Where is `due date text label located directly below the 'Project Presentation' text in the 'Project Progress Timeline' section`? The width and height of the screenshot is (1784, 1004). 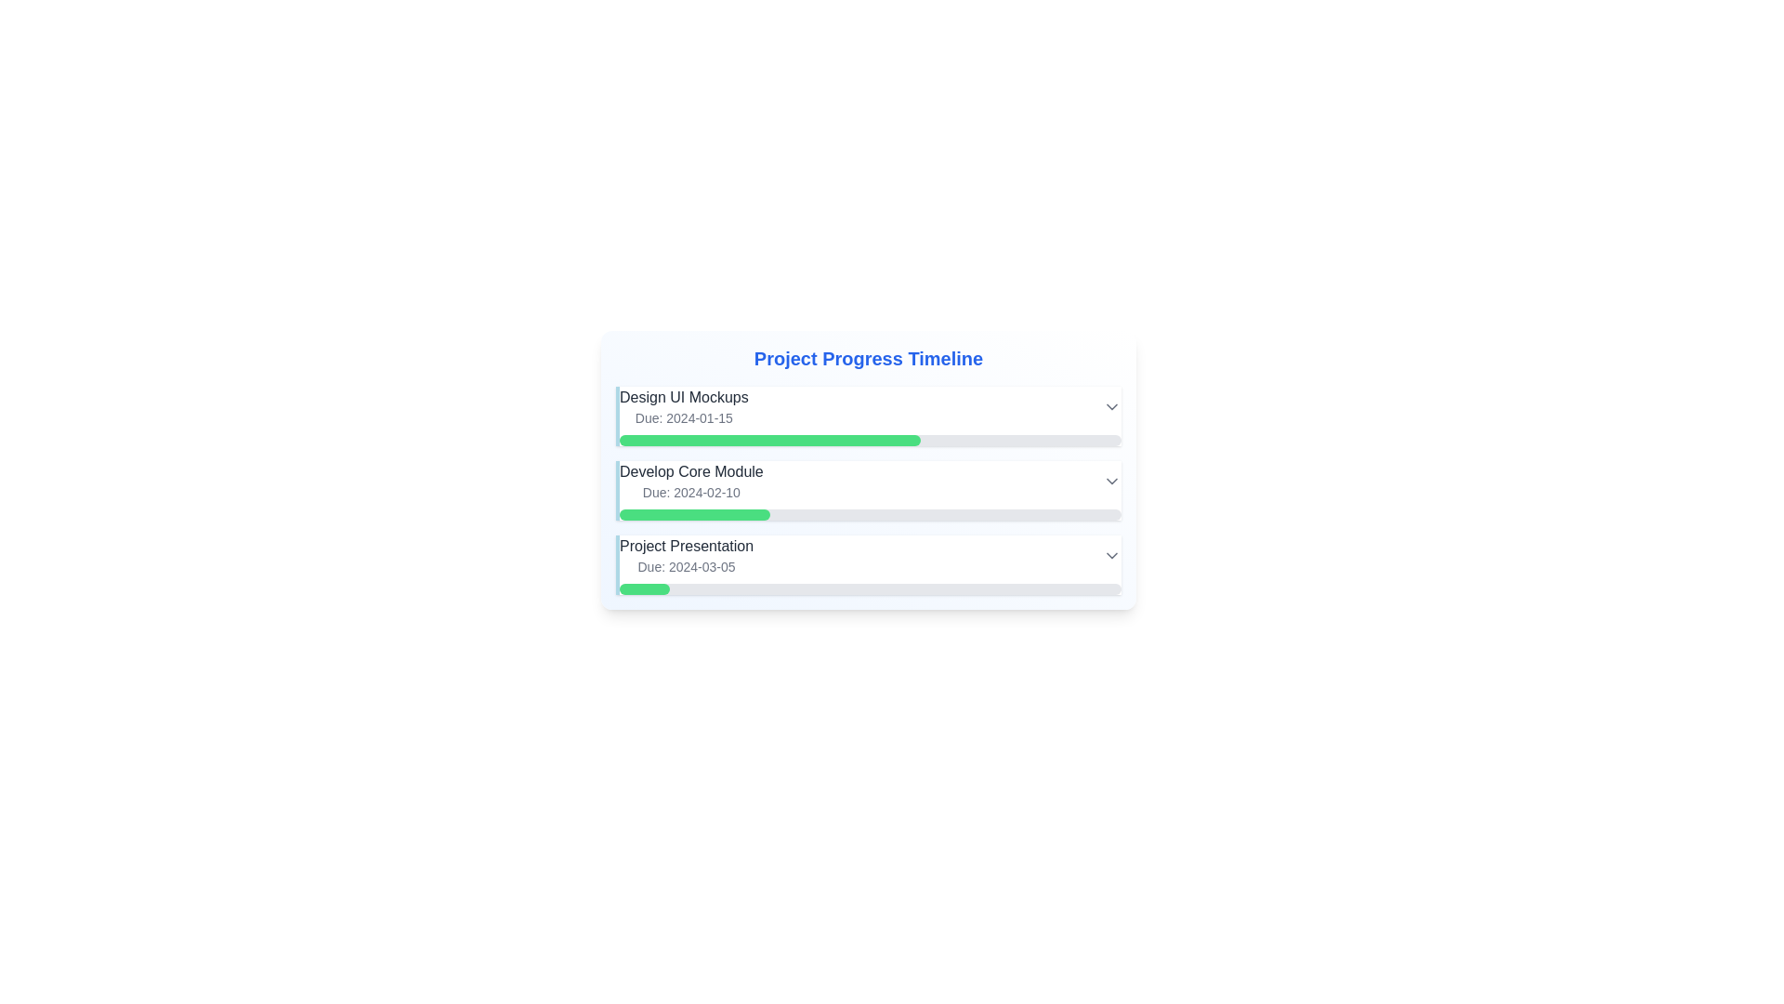
due date text label located directly below the 'Project Presentation' text in the 'Project Progress Timeline' section is located at coordinates (686, 565).